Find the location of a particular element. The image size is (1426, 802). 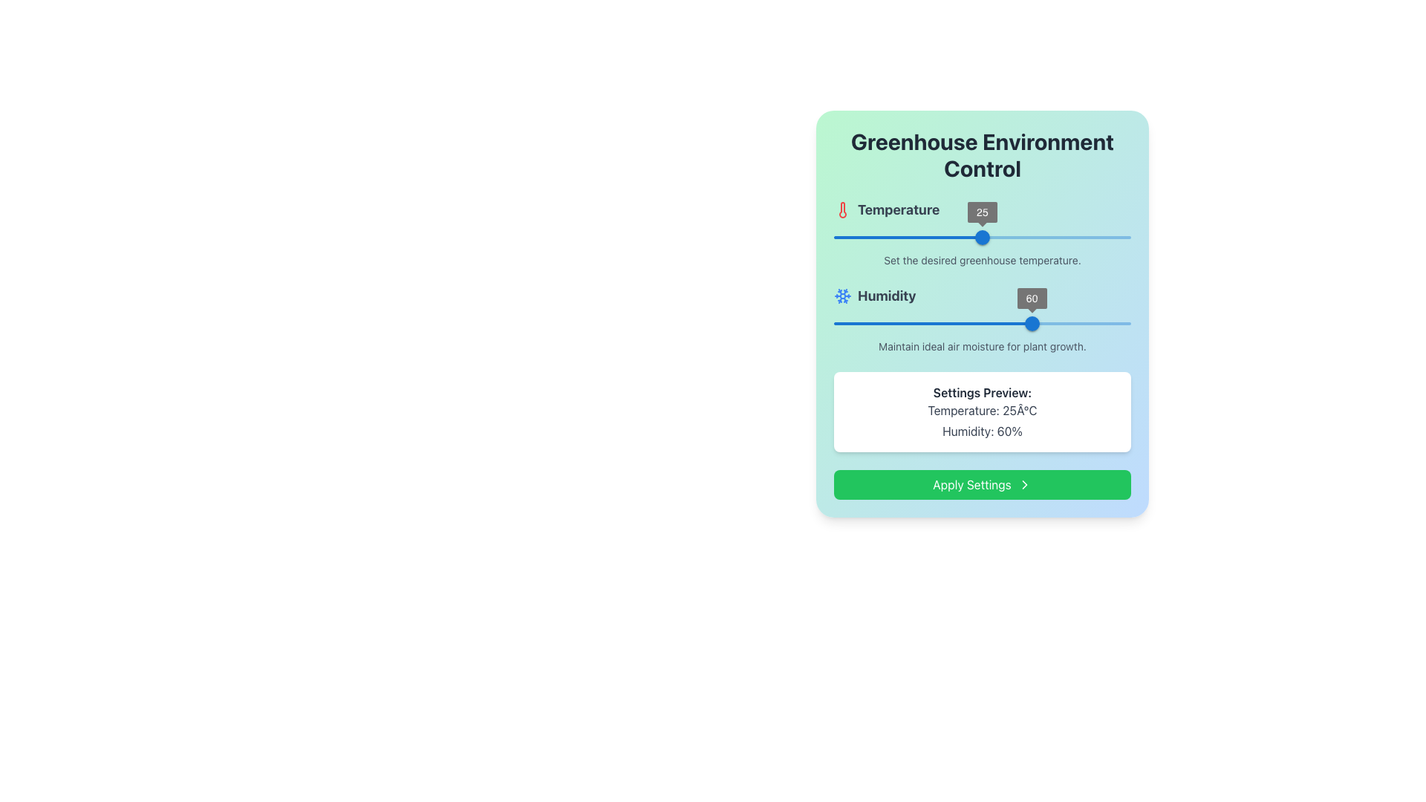

the Static Text displaying the current temperature setting, which is positioned above the 'Humidity: 60%' text in the summary preview at the bottom of the card is located at coordinates (983, 410).